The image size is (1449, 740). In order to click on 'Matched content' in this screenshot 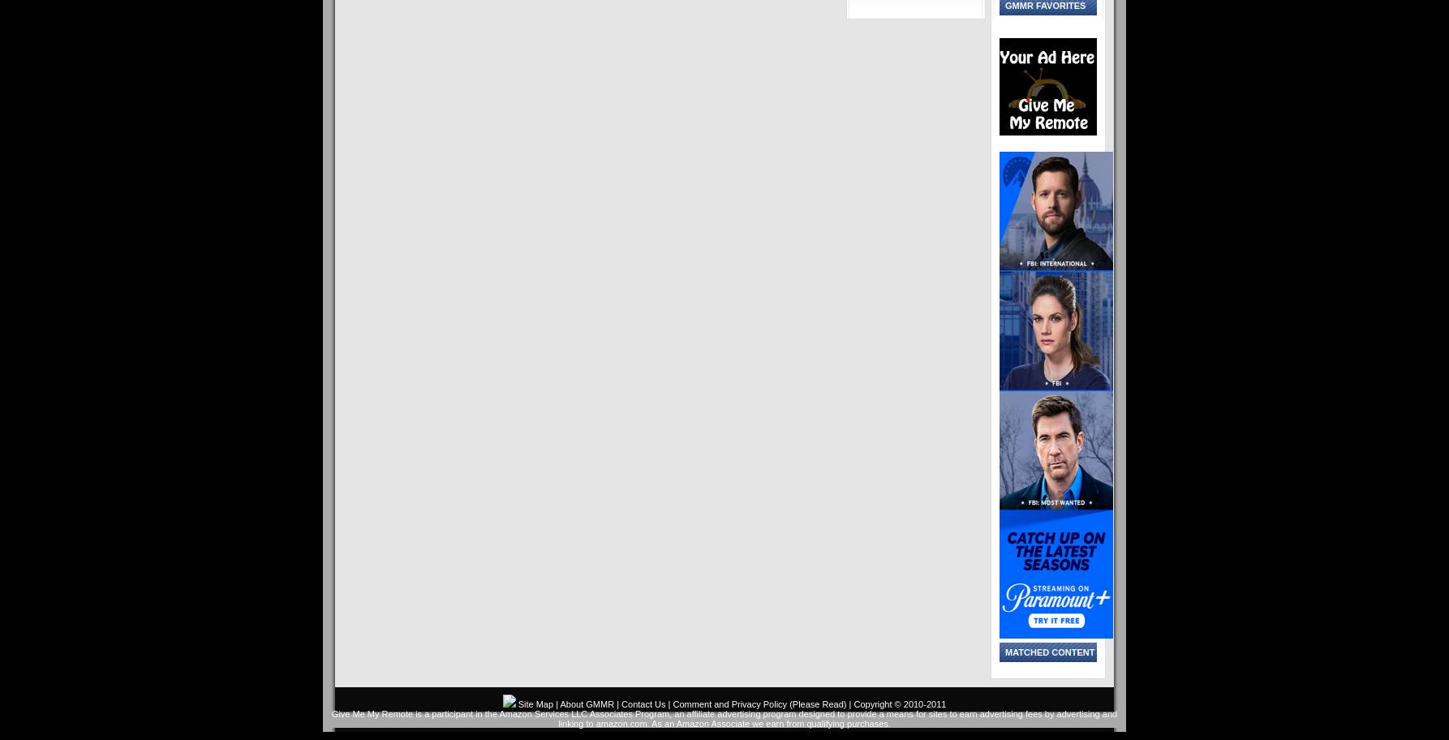, I will do `click(1049, 652)`.